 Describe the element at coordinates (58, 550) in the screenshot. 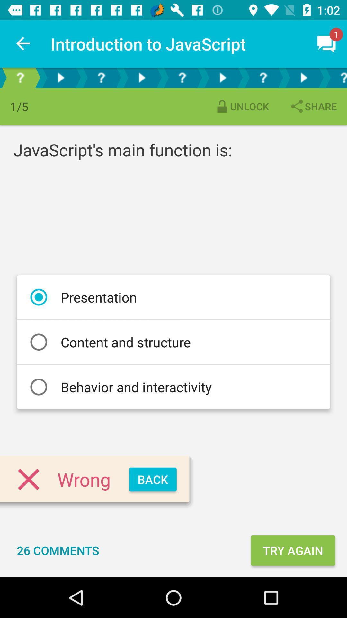

I see `26 comments item` at that location.